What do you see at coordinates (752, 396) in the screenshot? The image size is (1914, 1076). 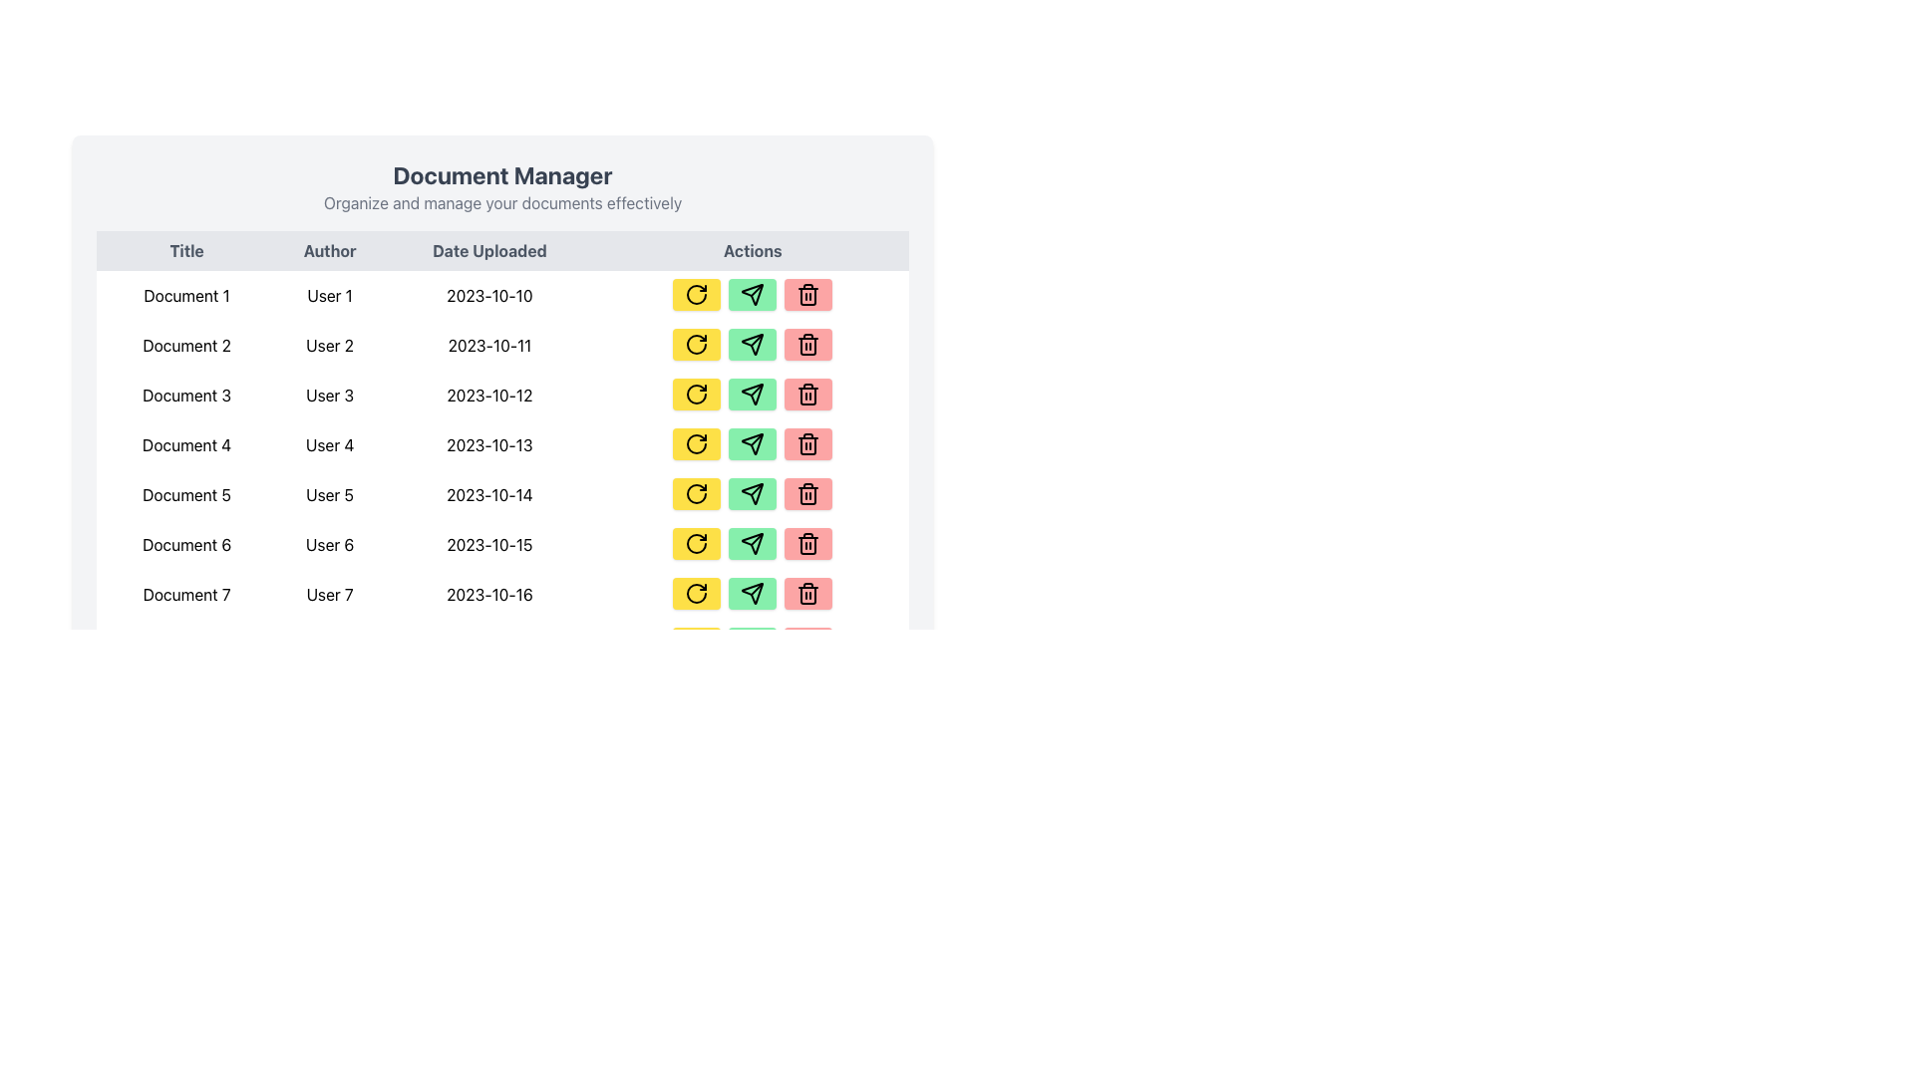 I see `the second button in the 'Actions' column for 'Document 3'` at bounding box center [752, 396].